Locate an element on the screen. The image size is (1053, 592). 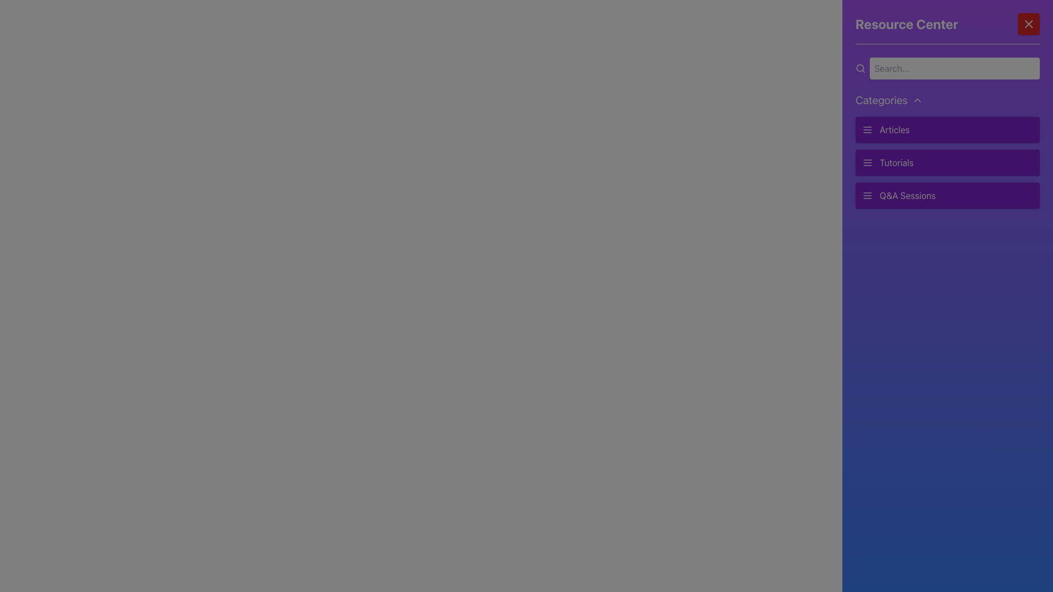
the toggle button located at the top-middle of the panel, directly beneath the search bar, to expand or collapse related subcategories is located at coordinates (889, 100).